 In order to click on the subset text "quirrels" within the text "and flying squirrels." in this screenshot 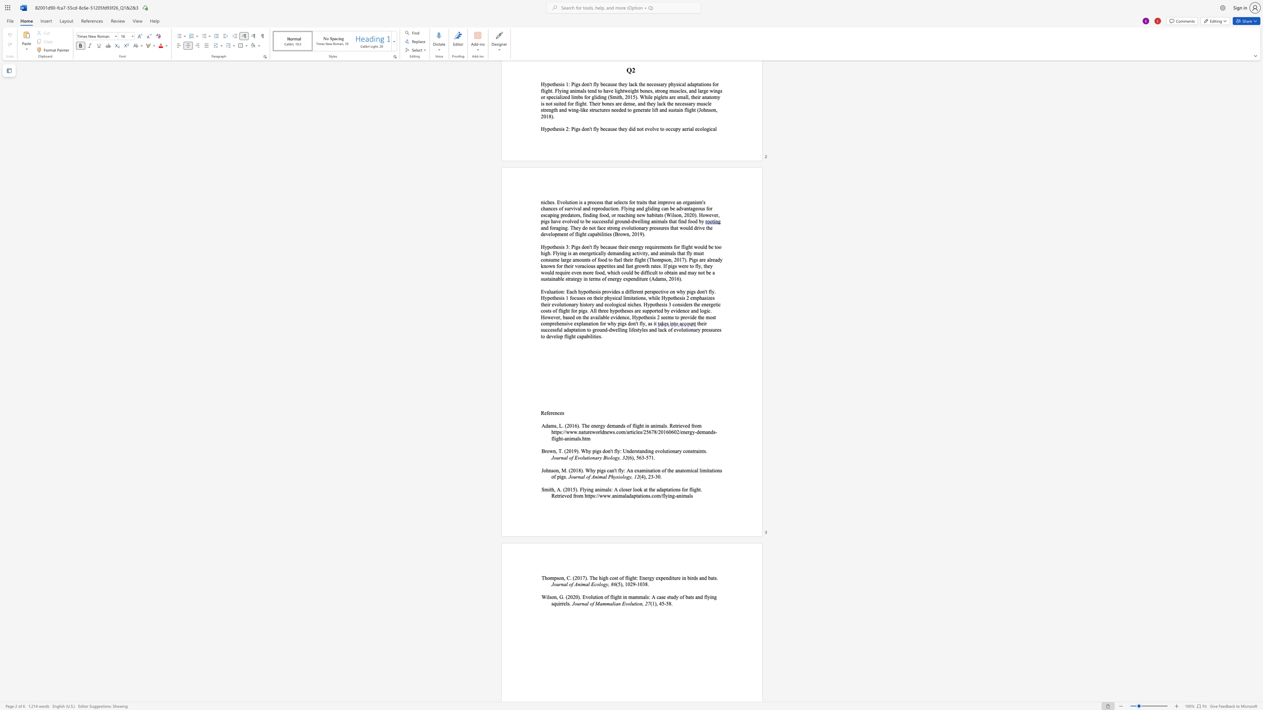, I will do `click(553, 603)`.